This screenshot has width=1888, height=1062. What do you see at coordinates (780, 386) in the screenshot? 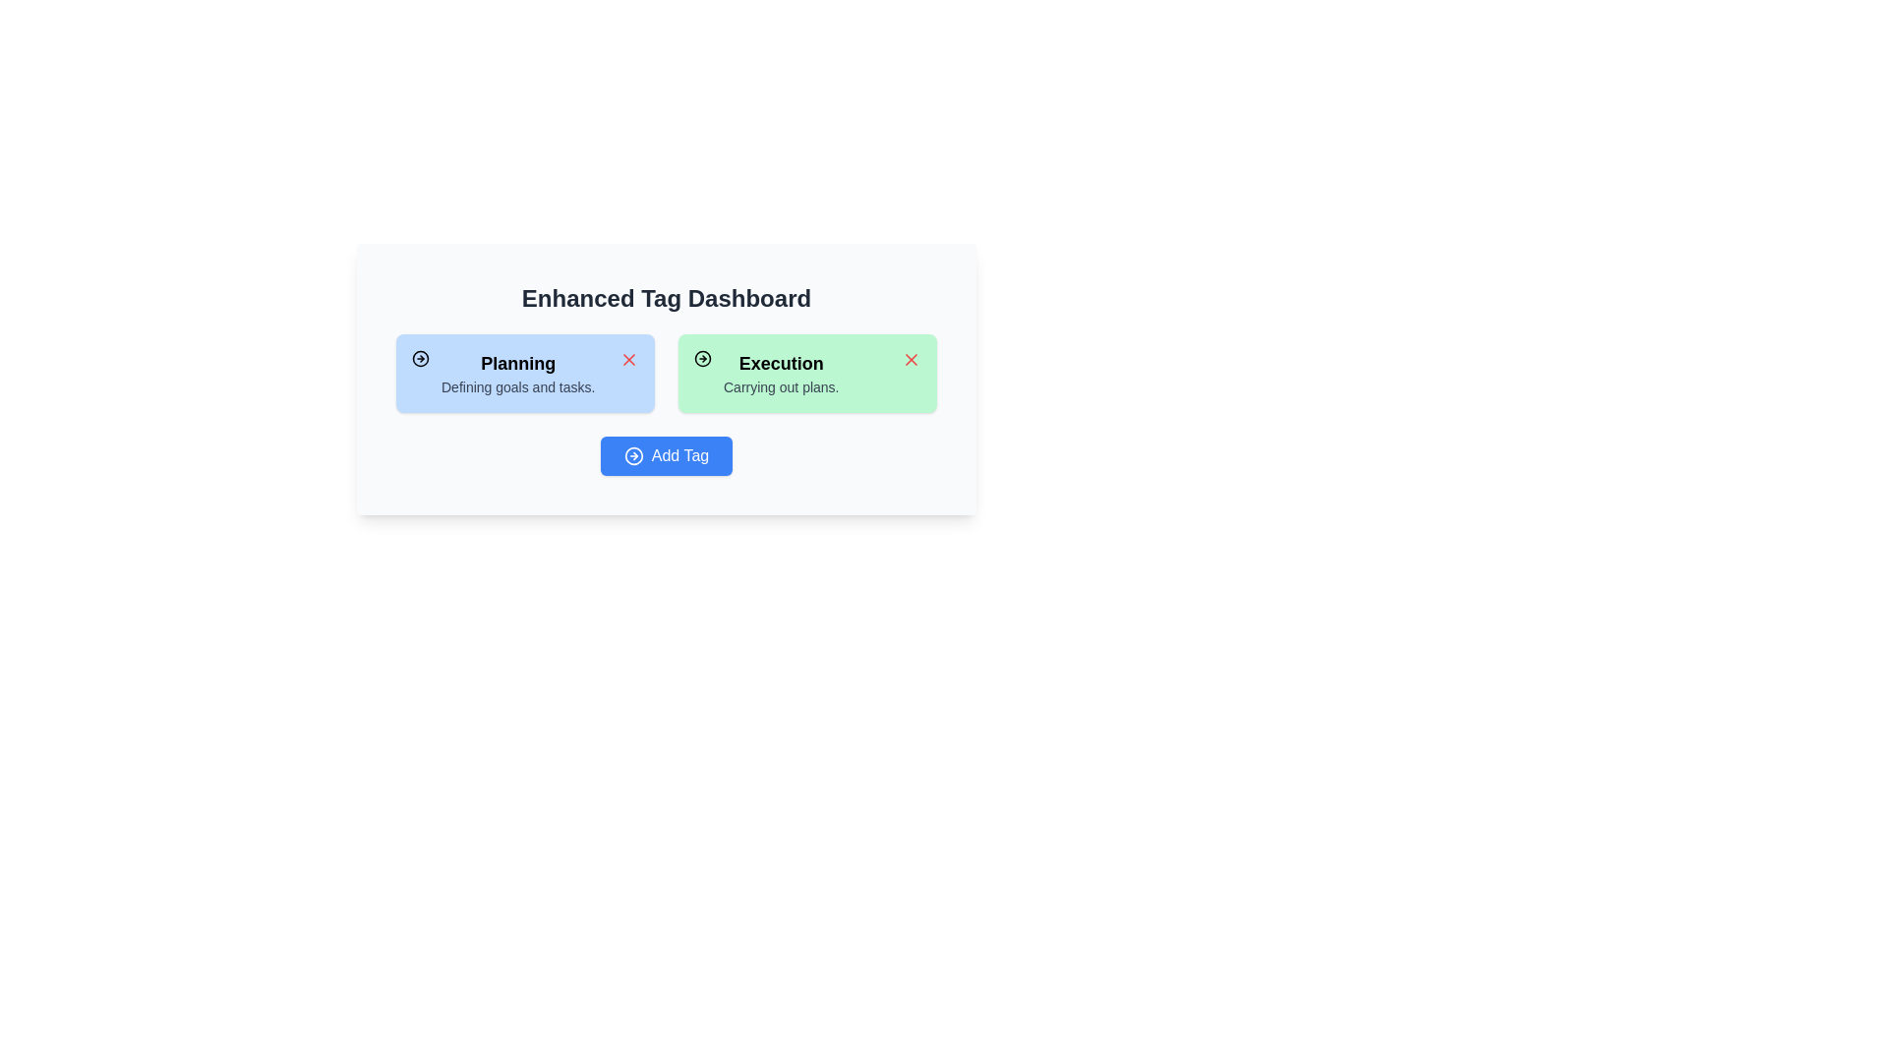
I see `the text label displaying 'Carrying out plans.' which is located under the heading 'Execution' in the right-hand green panel` at bounding box center [780, 386].